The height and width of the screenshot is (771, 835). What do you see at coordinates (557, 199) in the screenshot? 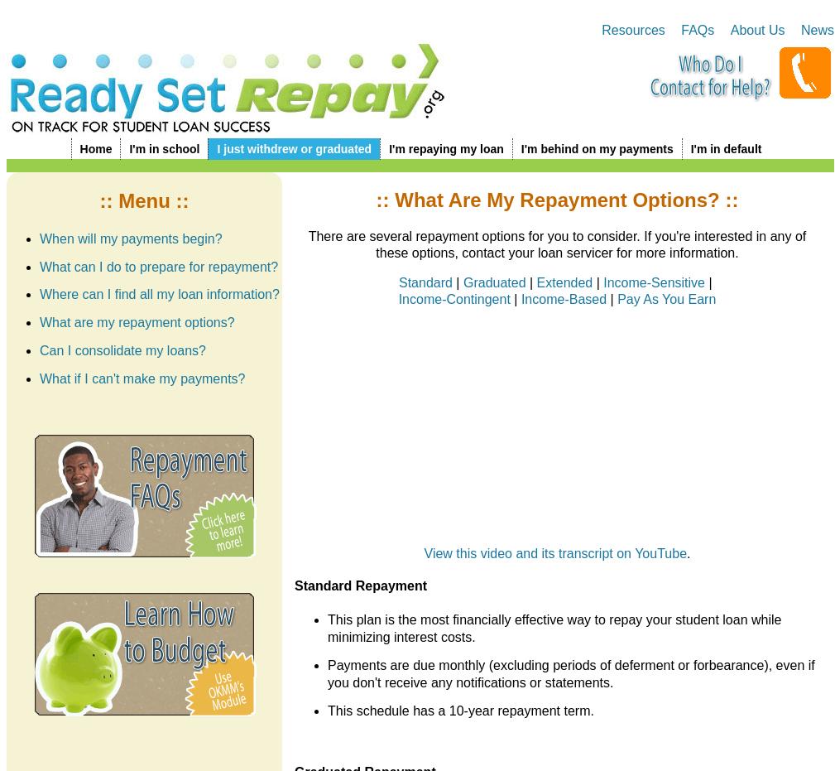
I see `':: What Are My Repayment Options? ::'` at bounding box center [557, 199].